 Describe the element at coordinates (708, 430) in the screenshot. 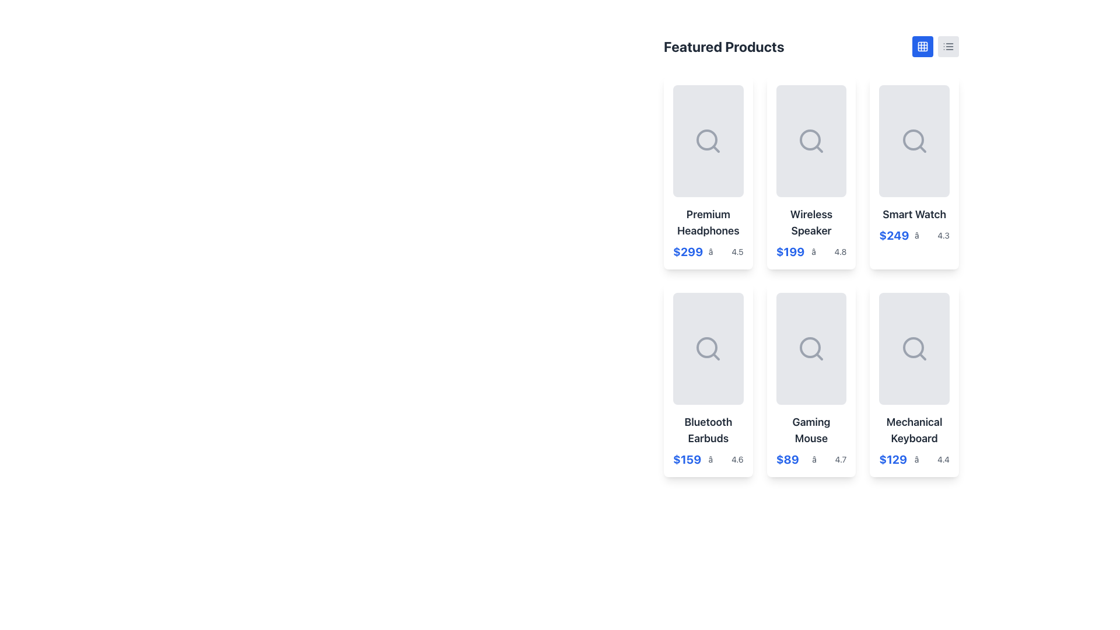

I see `the text label displaying 'Bluetooth Earbuds' which is rendered in a bold, large font style within a white card component in the second row and first column of a grid layout` at that location.